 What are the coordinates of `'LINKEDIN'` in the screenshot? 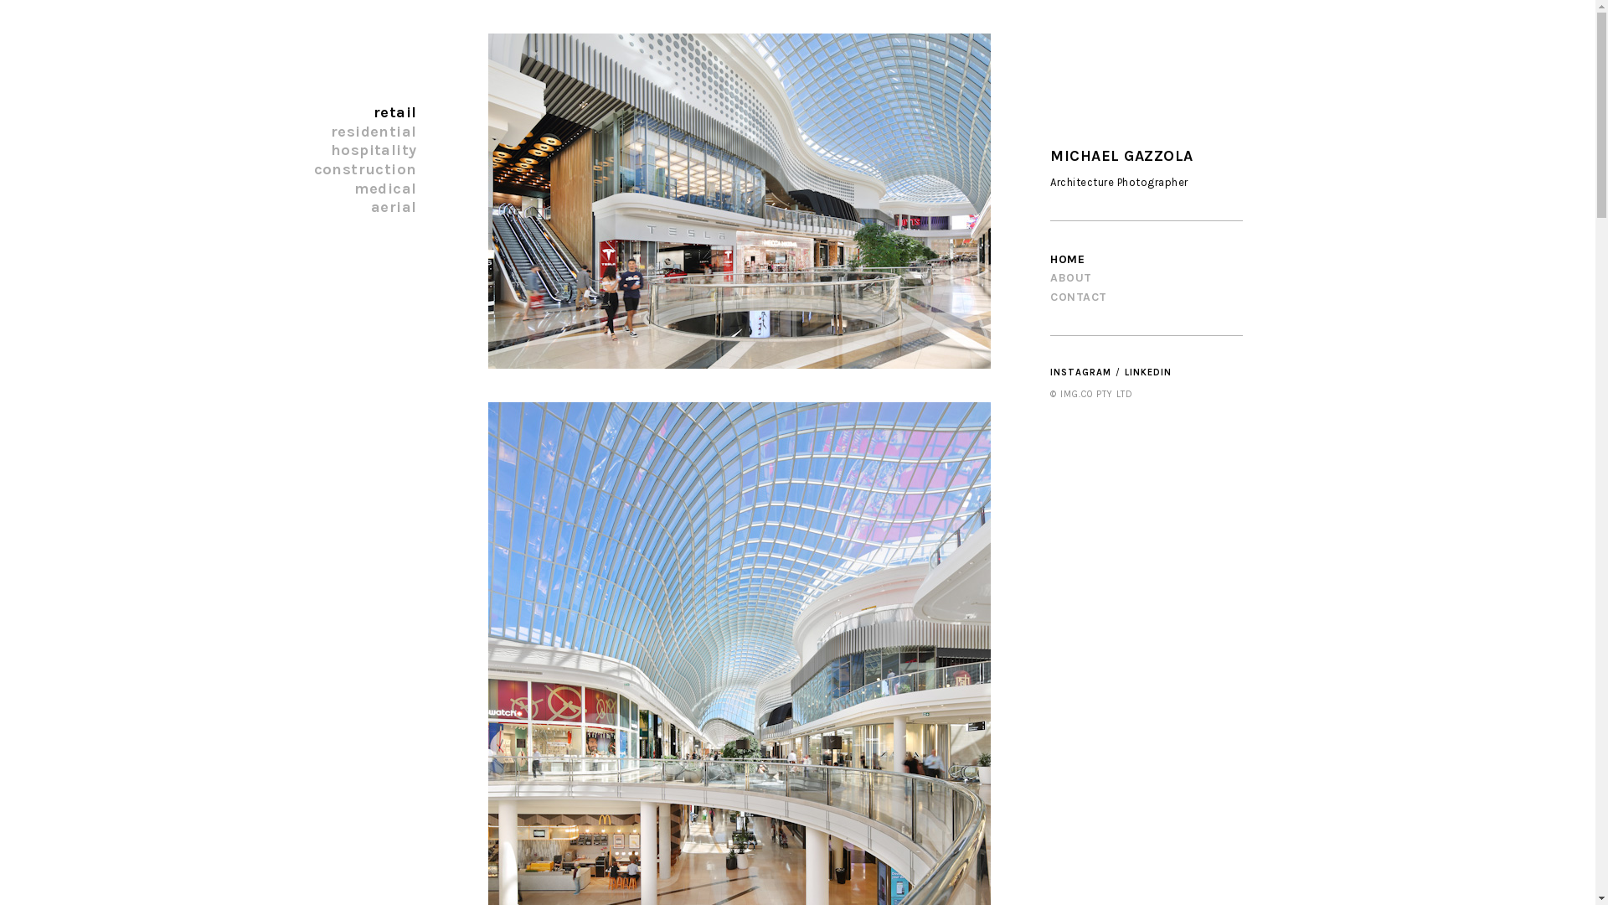 It's located at (1146, 371).